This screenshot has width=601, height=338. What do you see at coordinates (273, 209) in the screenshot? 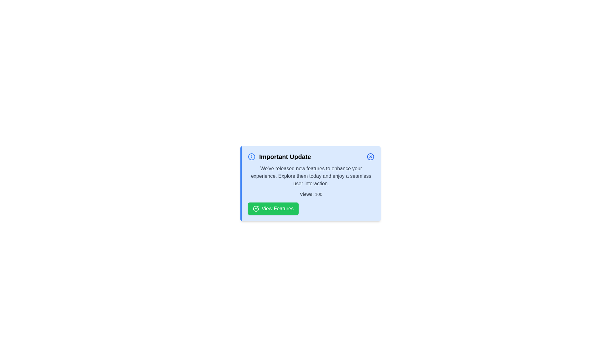
I see `the 'View Features' button to increase the view count` at bounding box center [273, 209].